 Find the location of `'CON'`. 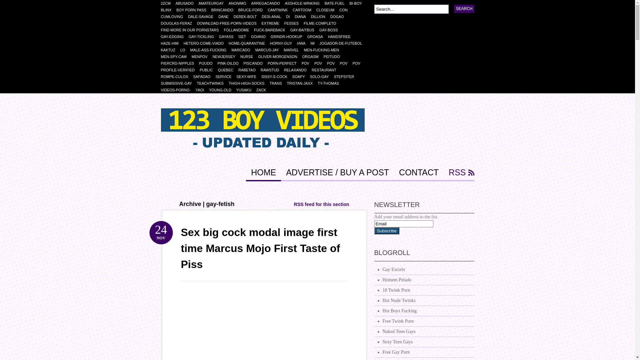

'CON' is located at coordinates (346, 10).